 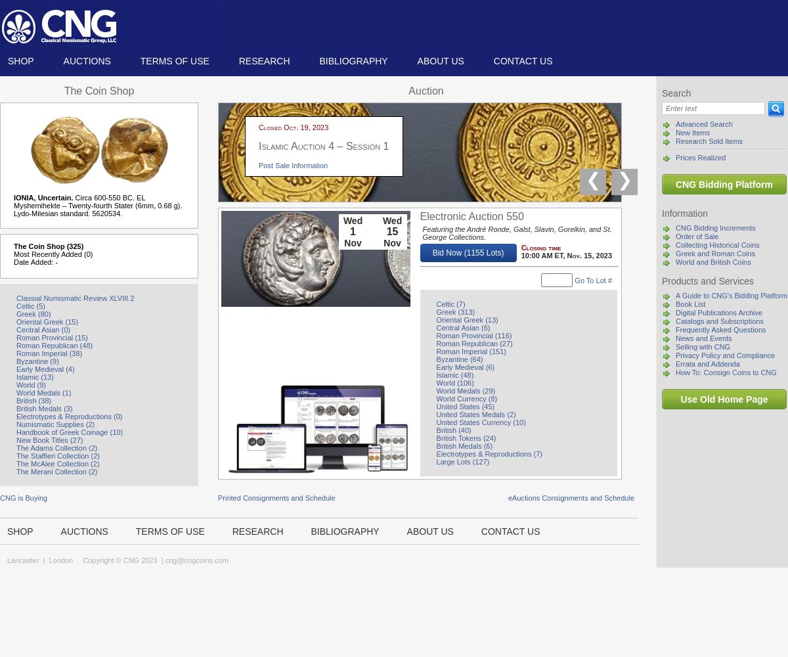 What do you see at coordinates (718, 321) in the screenshot?
I see `'Catalogs and Subscriptions'` at bounding box center [718, 321].